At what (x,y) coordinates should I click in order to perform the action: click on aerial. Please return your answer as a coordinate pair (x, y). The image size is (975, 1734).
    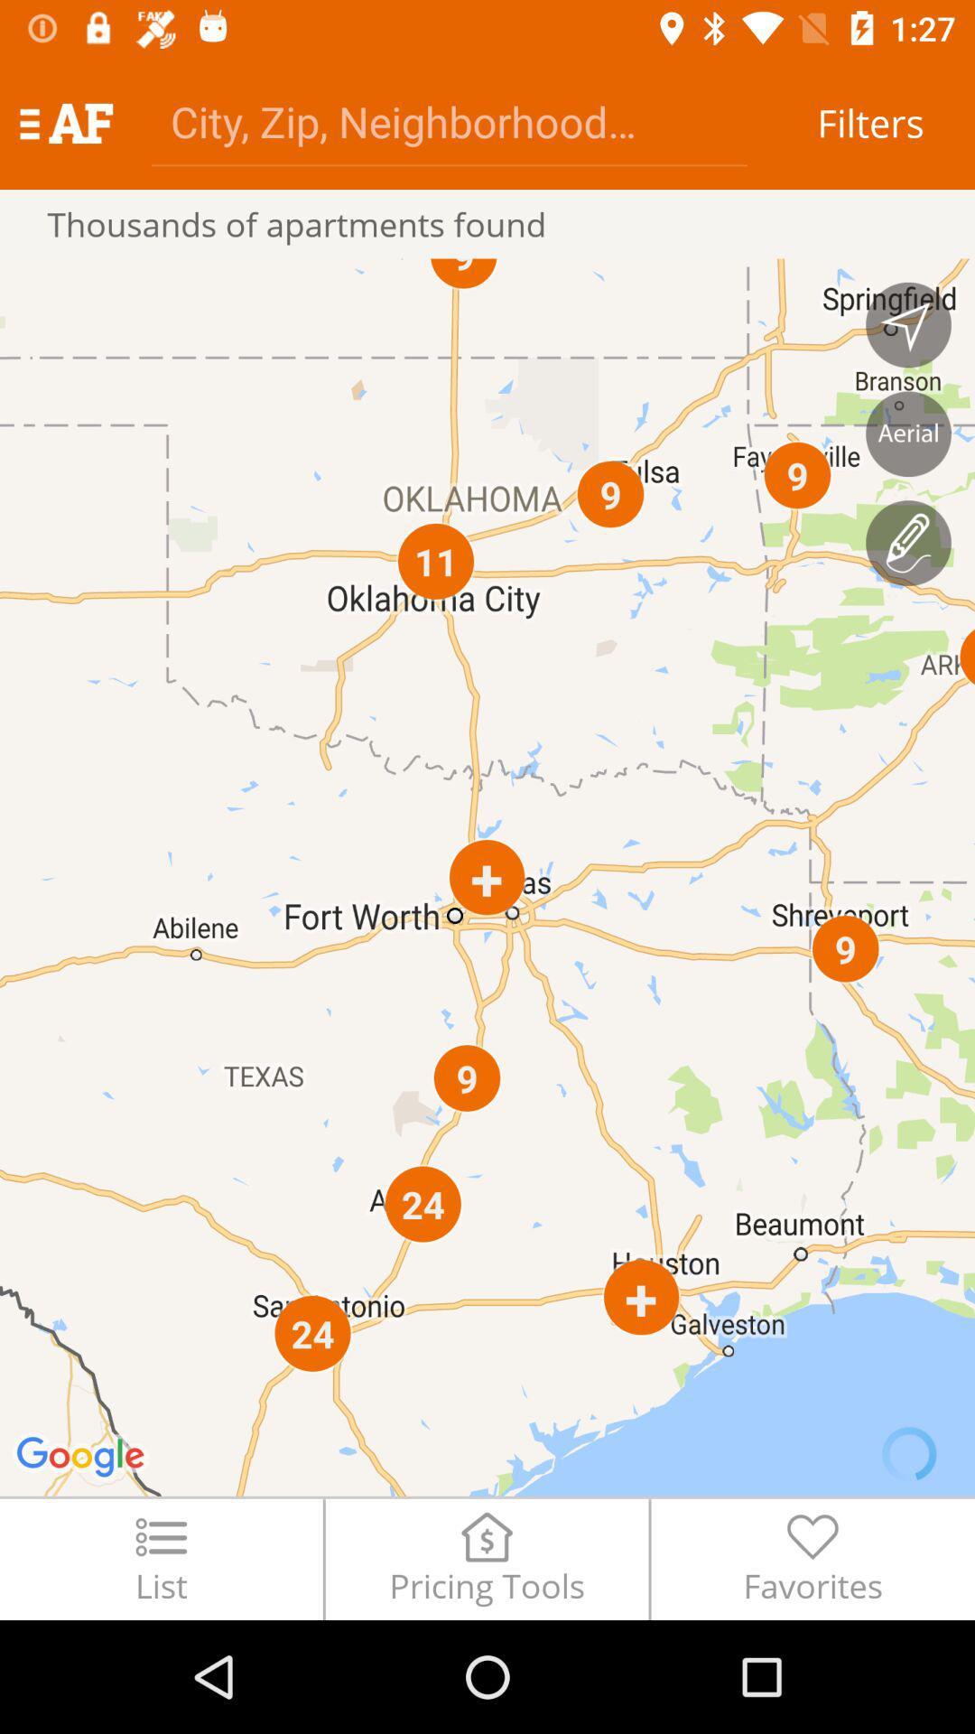
    Looking at the image, I should click on (908, 433).